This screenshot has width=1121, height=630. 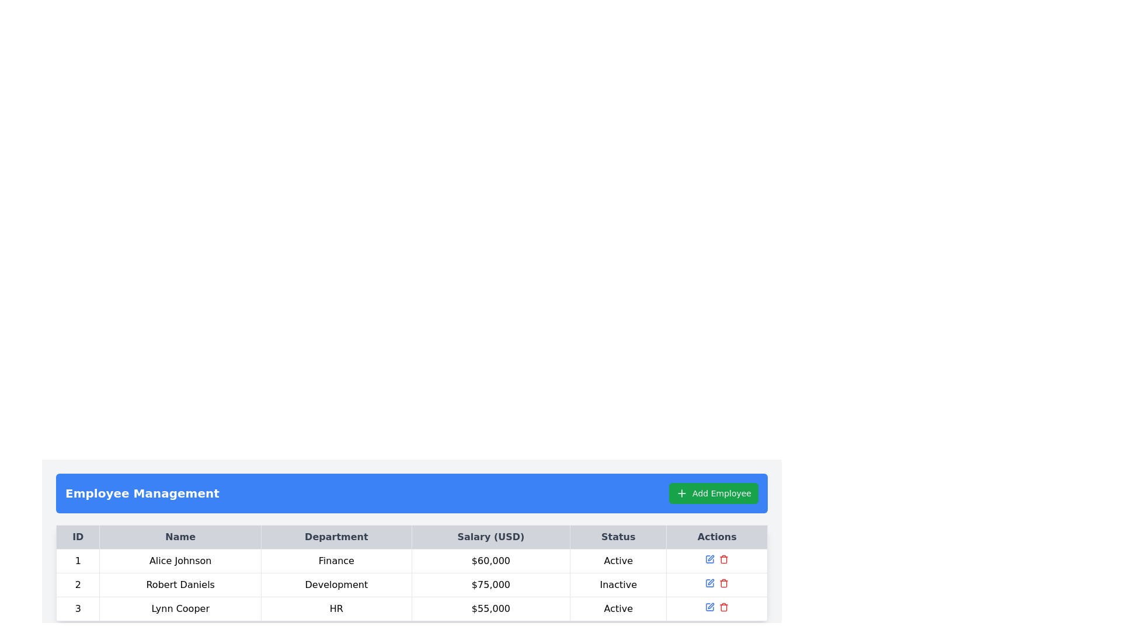 What do you see at coordinates (709, 607) in the screenshot?
I see `the 'Edit' icon located in the 'Actions' column of the third row in the 'Employee Management' interface` at bounding box center [709, 607].